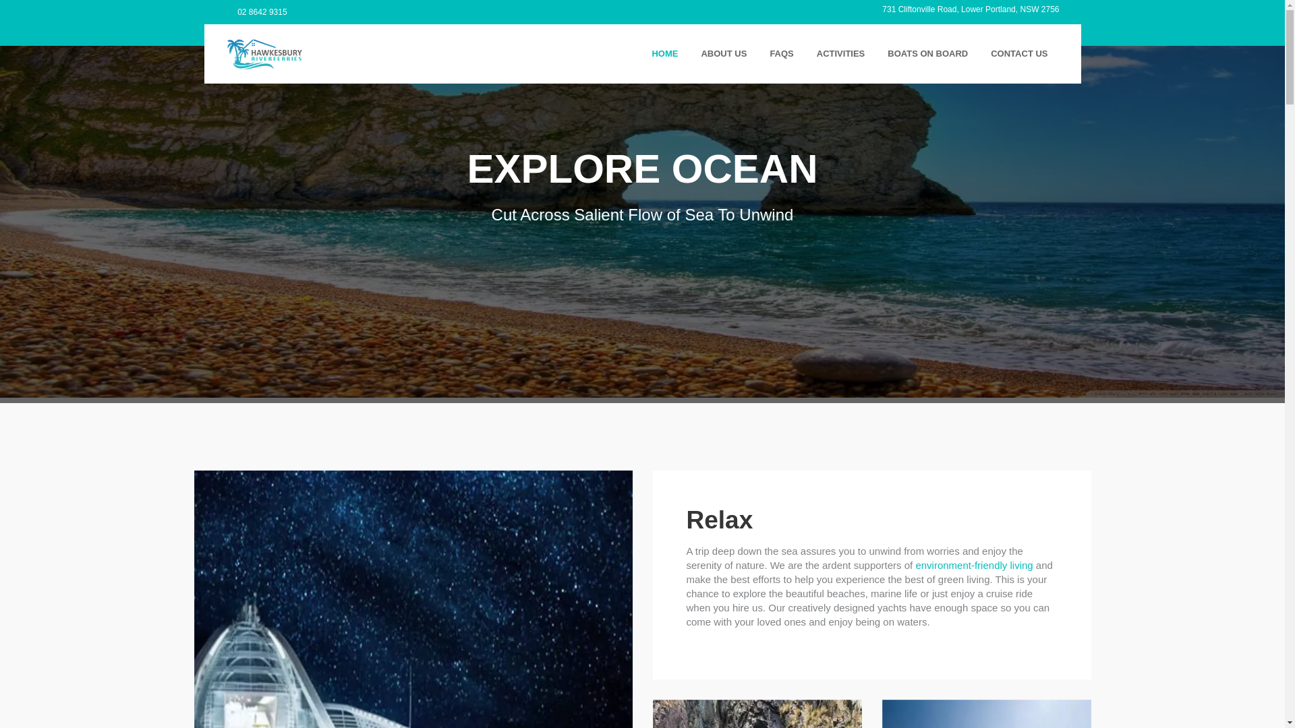 The height and width of the screenshot is (728, 1295). I want to click on 'FAQS', so click(781, 53).